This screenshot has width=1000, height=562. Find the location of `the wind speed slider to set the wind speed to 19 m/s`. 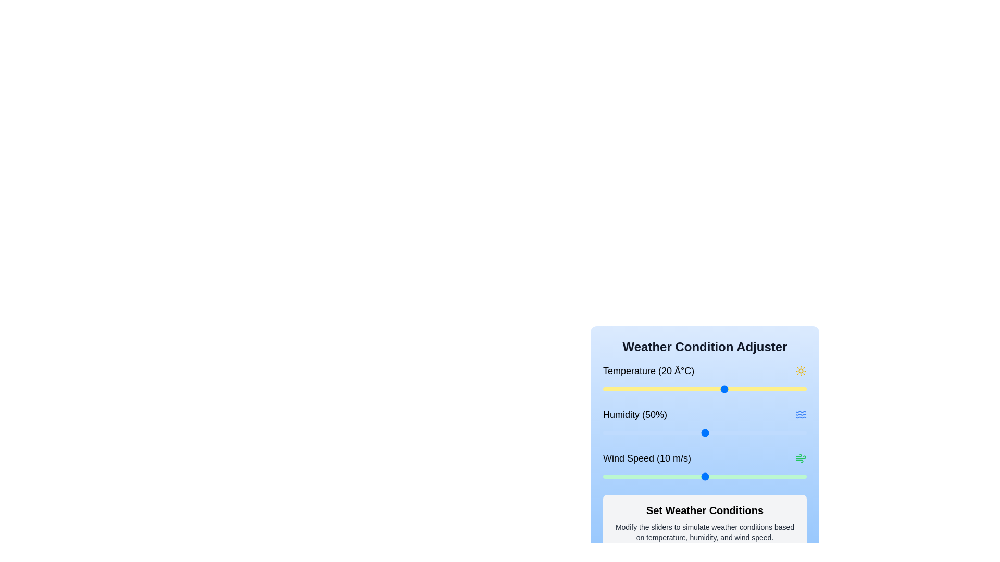

the wind speed slider to set the wind speed to 19 m/s is located at coordinates (796, 476).